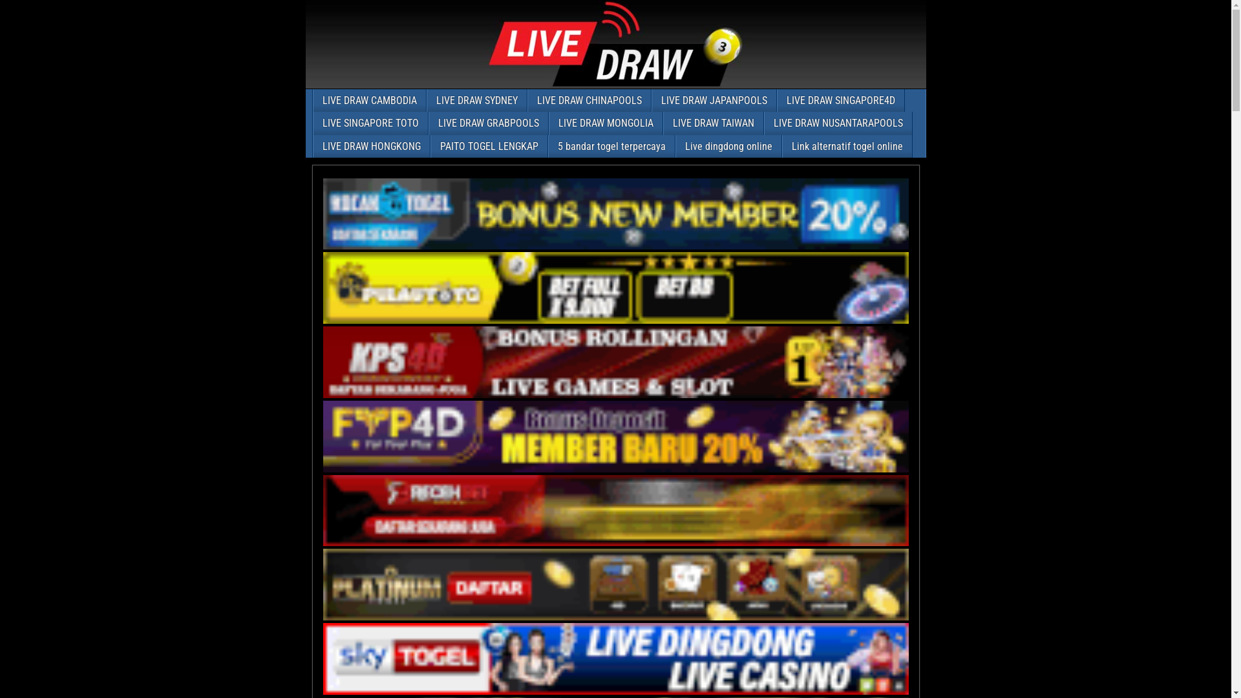 Image resolution: width=1241 pixels, height=698 pixels. I want to click on 'Link alternatif togel online', so click(781, 145).